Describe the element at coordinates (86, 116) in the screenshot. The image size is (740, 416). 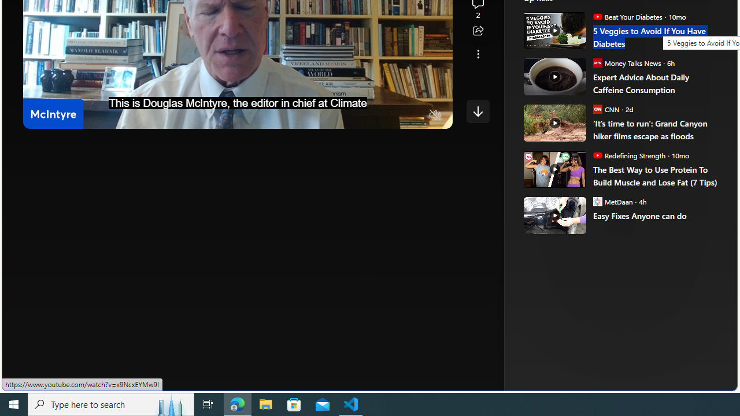
I see `'Seek Forward'` at that location.